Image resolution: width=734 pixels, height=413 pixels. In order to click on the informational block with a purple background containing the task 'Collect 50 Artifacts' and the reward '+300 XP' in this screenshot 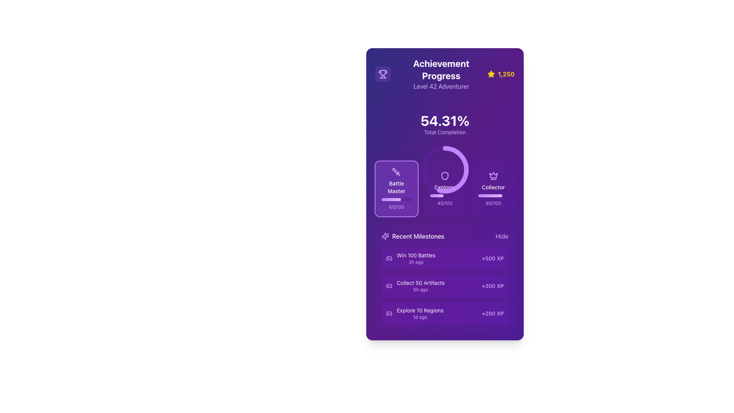, I will do `click(445, 286)`.